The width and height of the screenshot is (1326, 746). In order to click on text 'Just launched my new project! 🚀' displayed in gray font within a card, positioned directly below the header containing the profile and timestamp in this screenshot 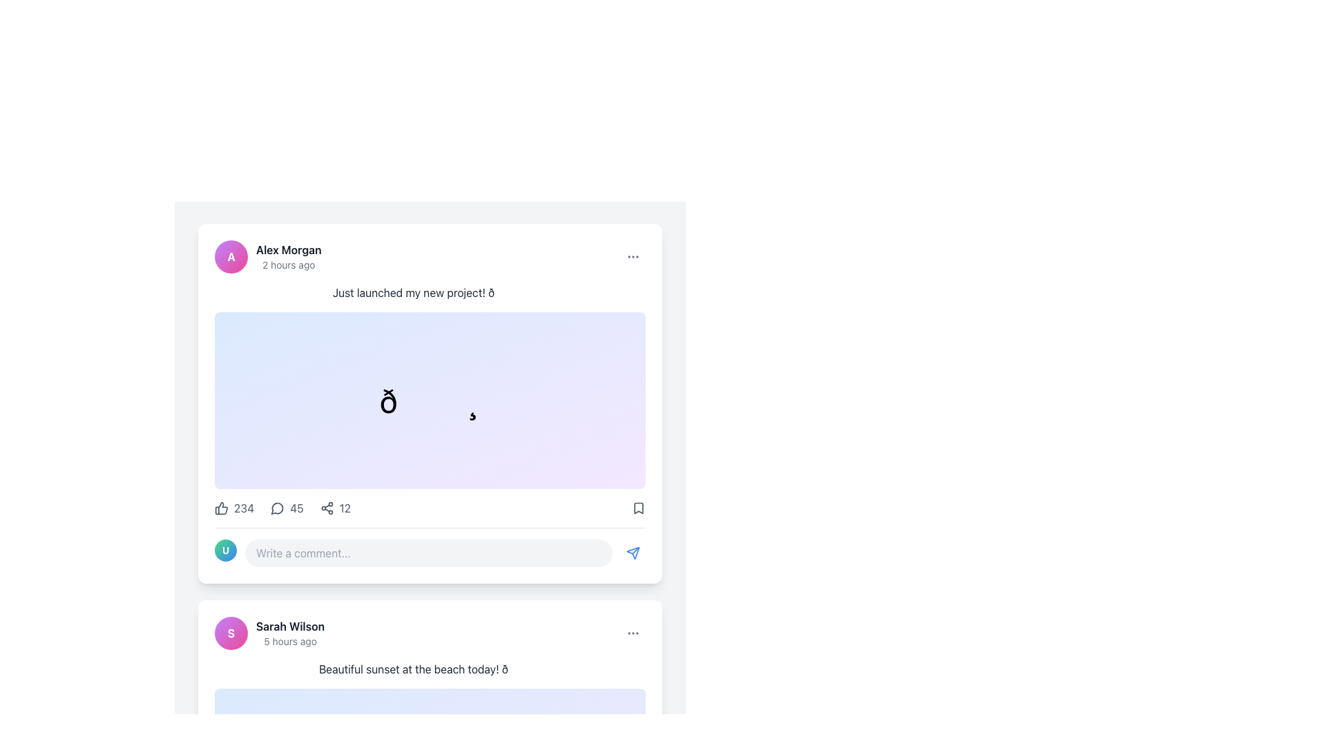, I will do `click(430, 292)`.